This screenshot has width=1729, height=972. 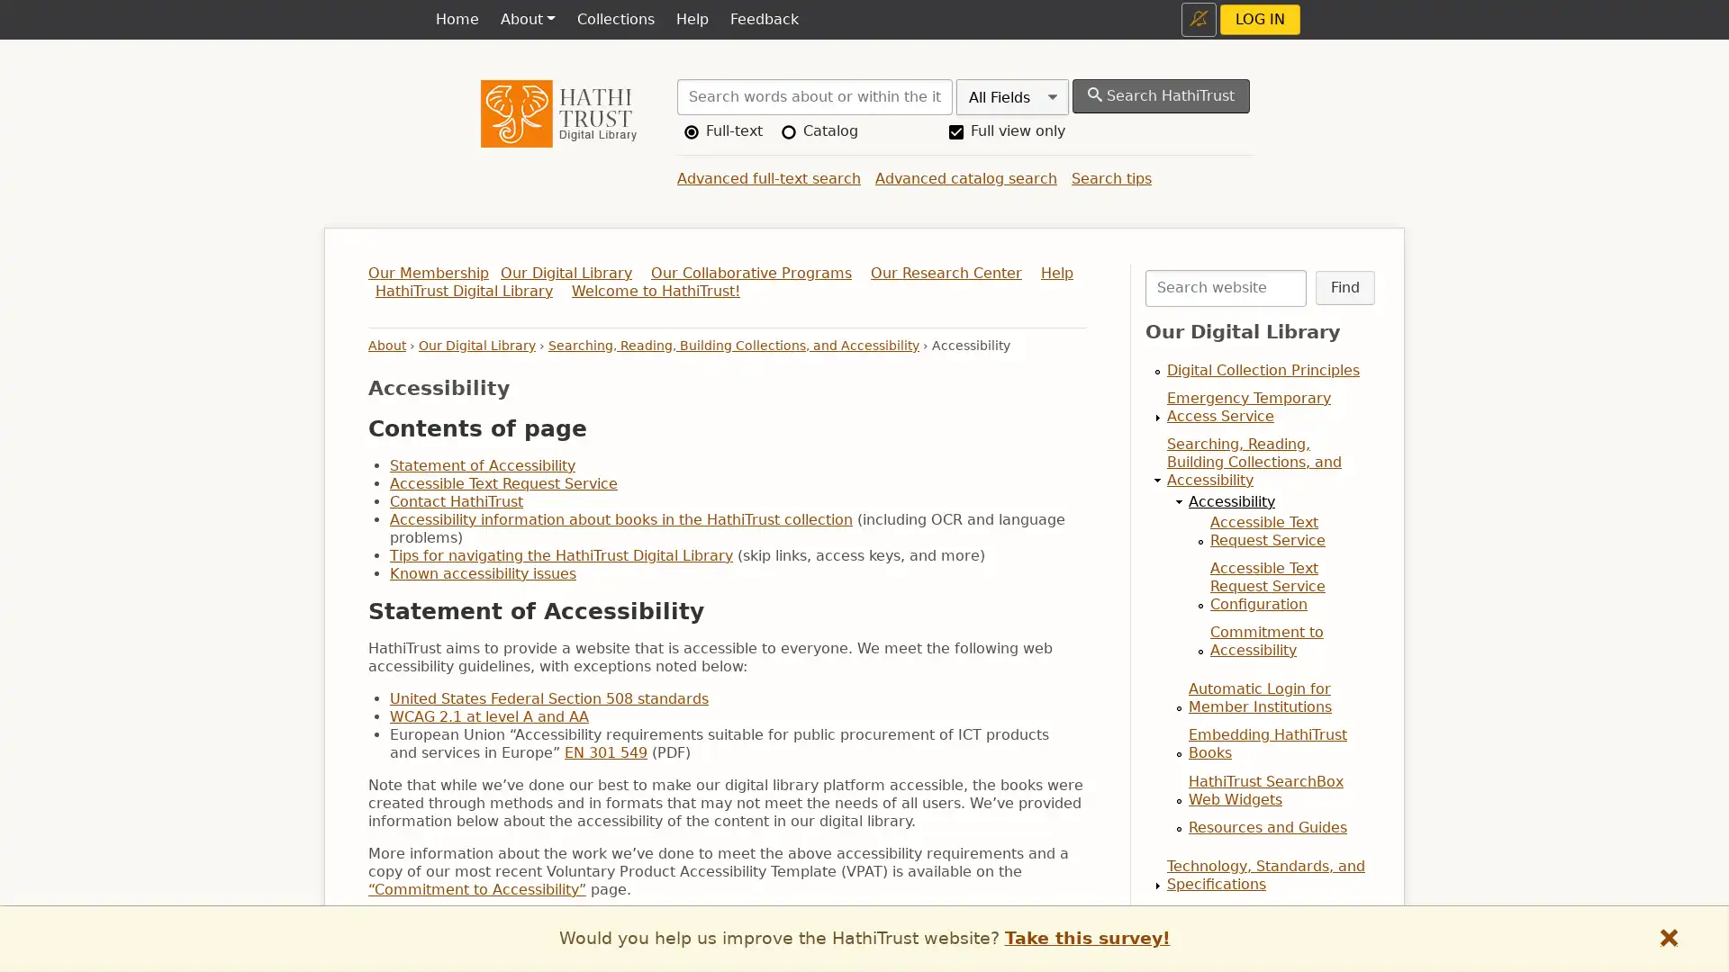 What do you see at coordinates (1161, 96) in the screenshot?
I see `Search HathiTrust` at bounding box center [1161, 96].